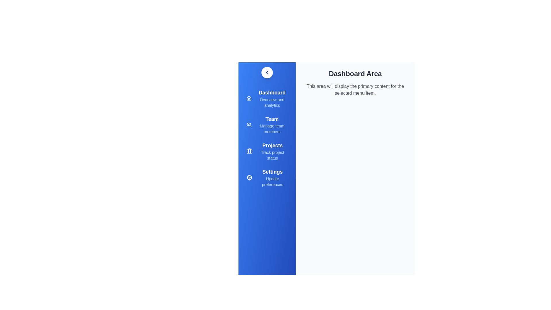 The height and width of the screenshot is (310, 551). Describe the element at coordinates (267, 98) in the screenshot. I see `the menu item Dashboard to navigate` at that location.